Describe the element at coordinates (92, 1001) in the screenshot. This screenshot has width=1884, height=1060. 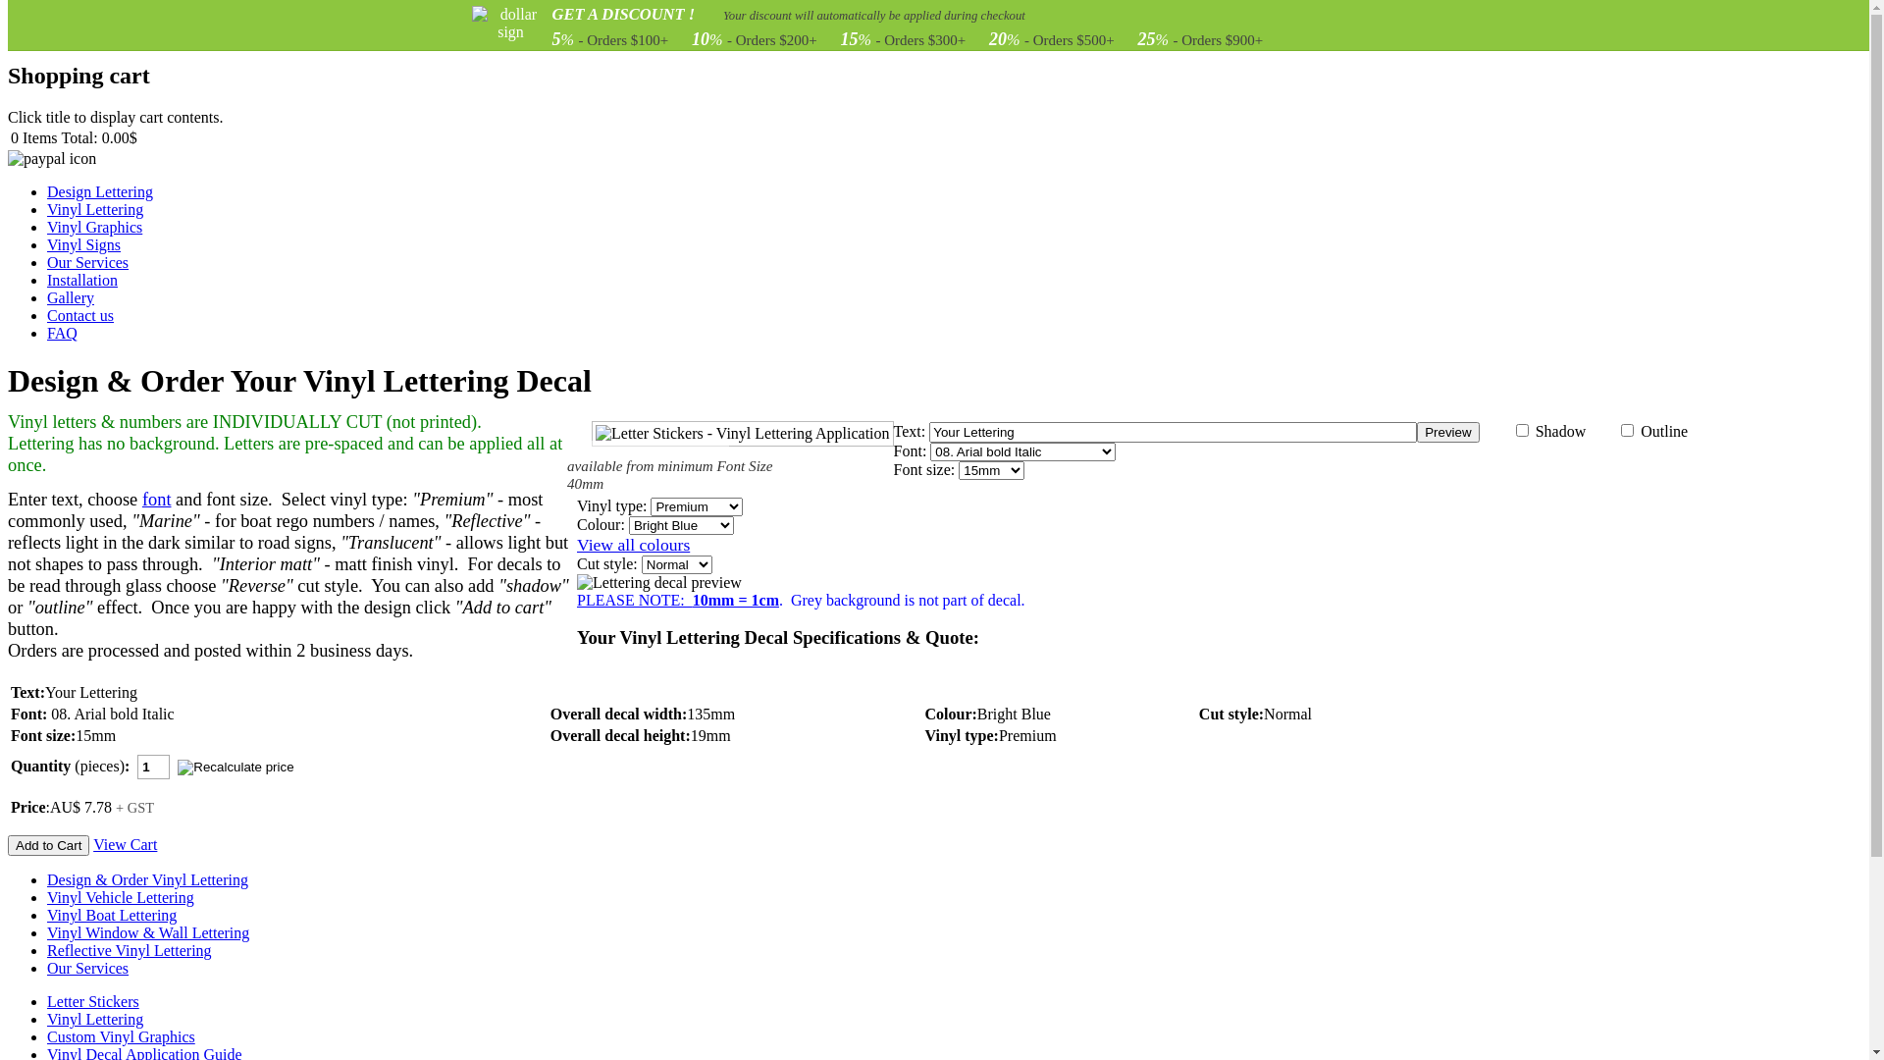
I see `'Letter Stickers'` at that location.